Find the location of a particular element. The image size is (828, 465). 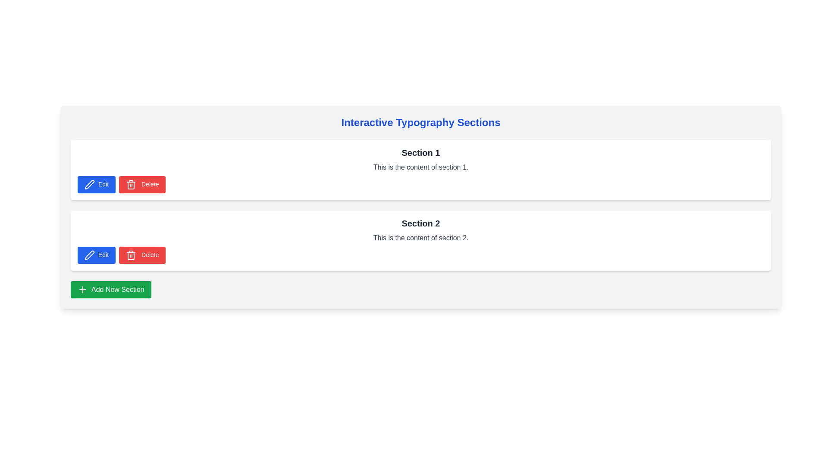

the button located at the bottom of the central content panel is located at coordinates (110, 289).